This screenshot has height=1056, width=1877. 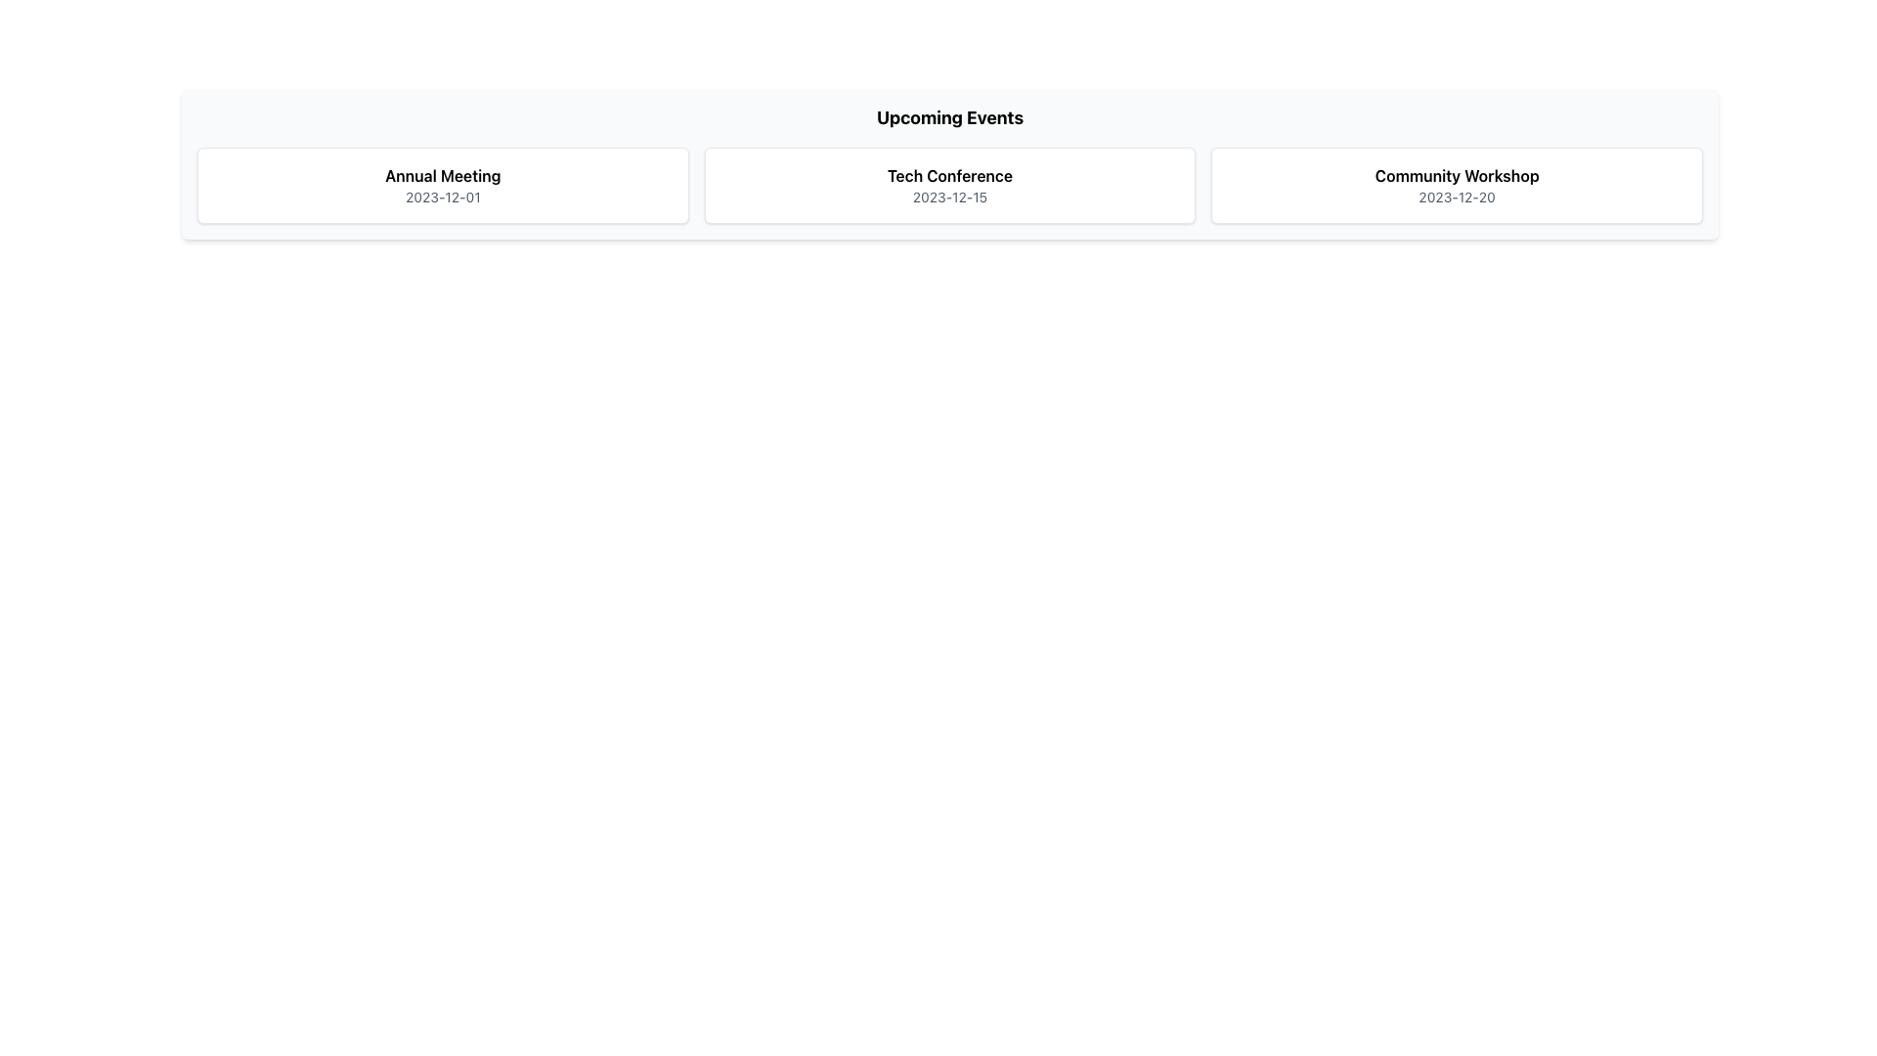 I want to click on the text label displaying a date in small gray font located beneath 'Tech Conference', so click(x=949, y=197).